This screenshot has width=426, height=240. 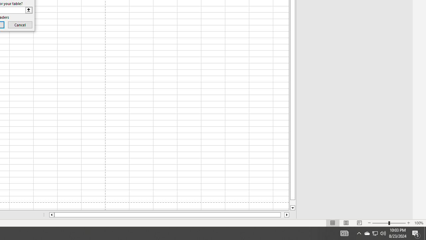 What do you see at coordinates (408, 223) in the screenshot?
I see `'Zoom In'` at bounding box center [408, 223].